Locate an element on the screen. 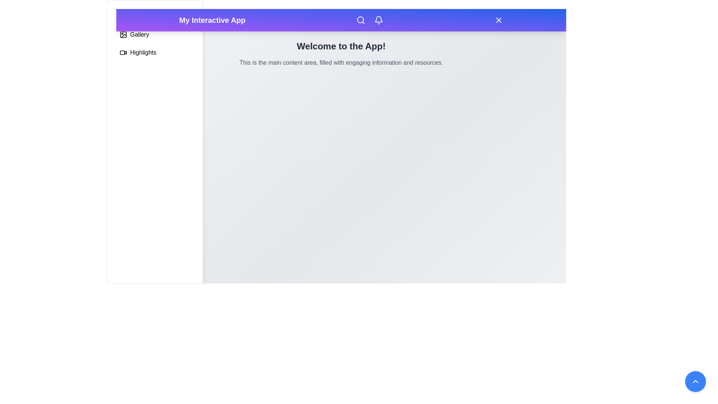 This screenshot has height=404, width=718. the close button located at the far right of the header bar to potentially see a tooltip is located at coordinates (498, 20).